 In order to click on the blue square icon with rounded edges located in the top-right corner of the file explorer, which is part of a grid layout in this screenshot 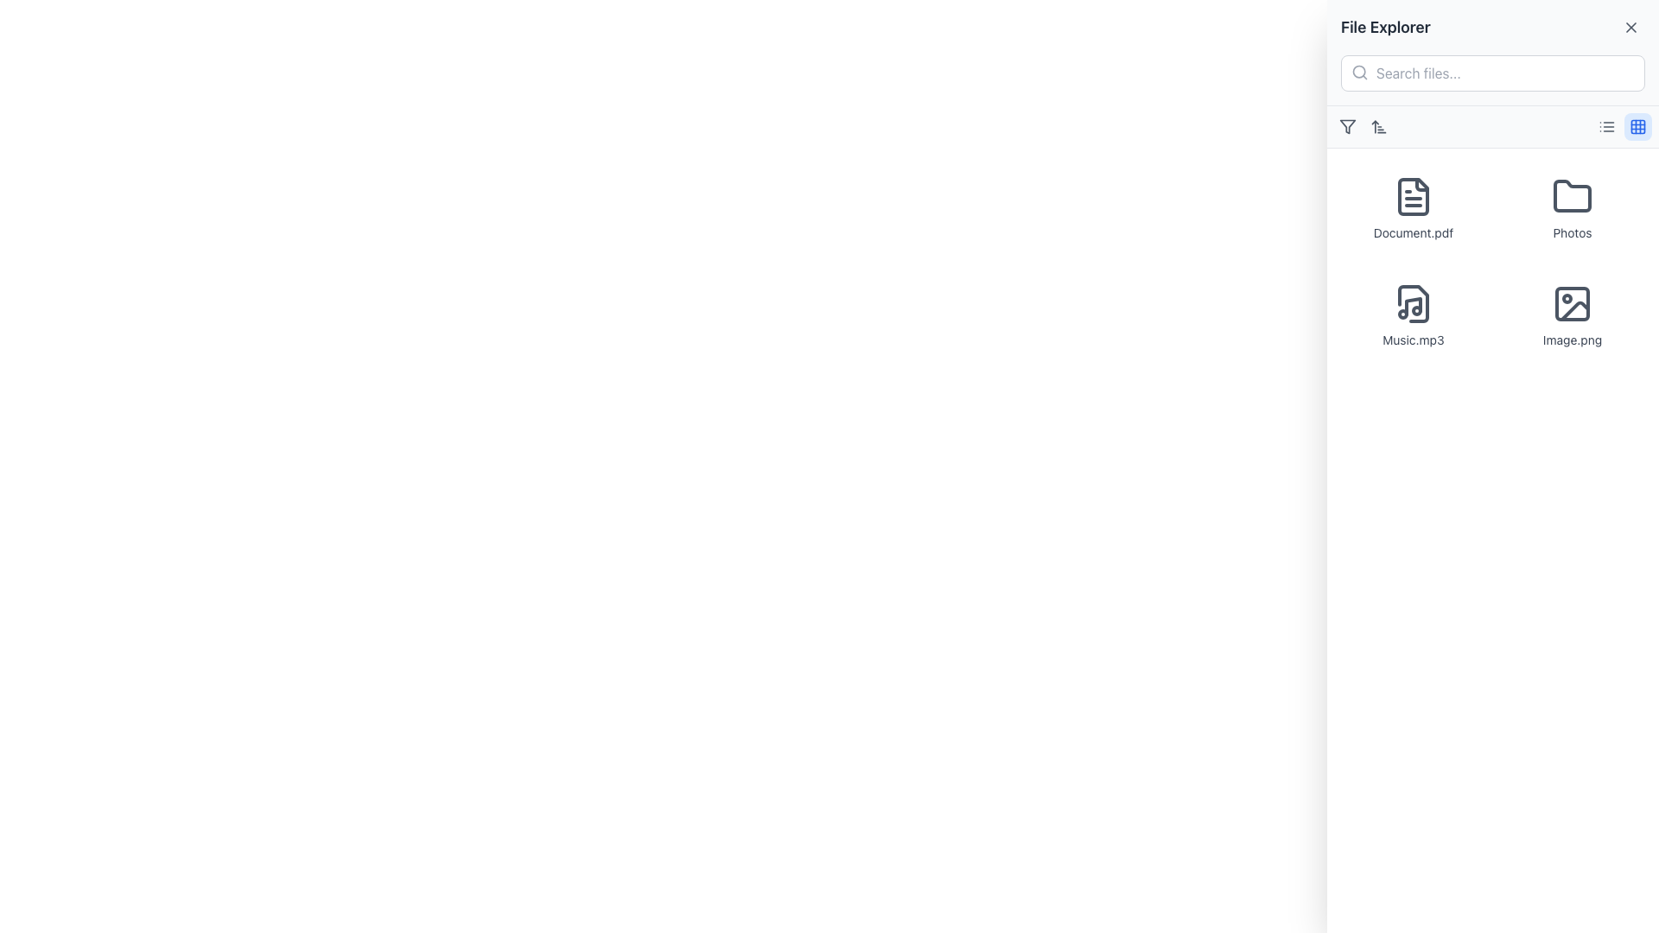, I will do `click(1637, 125)`.